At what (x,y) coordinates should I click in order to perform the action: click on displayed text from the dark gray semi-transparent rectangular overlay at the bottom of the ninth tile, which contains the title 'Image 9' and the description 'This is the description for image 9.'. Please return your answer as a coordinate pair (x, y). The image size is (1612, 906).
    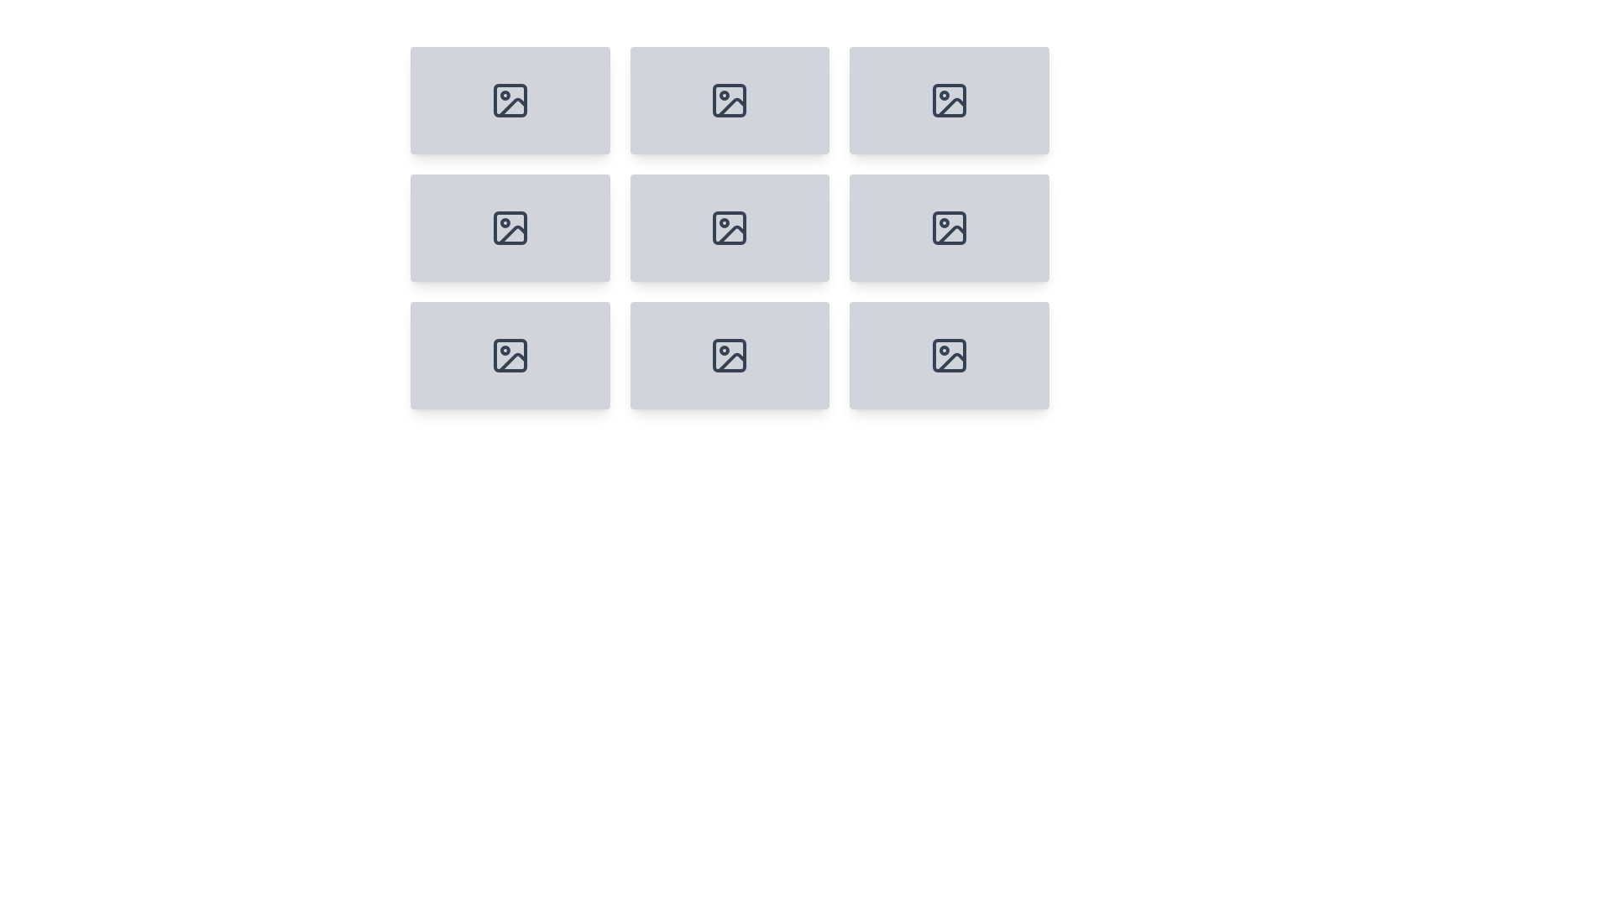
    Looking at the image, I should click on (950, 373).